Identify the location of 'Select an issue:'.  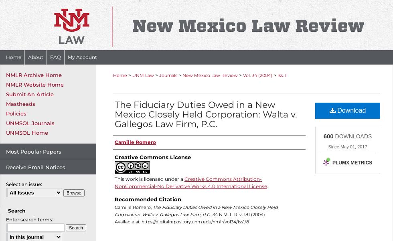
(24, 184).